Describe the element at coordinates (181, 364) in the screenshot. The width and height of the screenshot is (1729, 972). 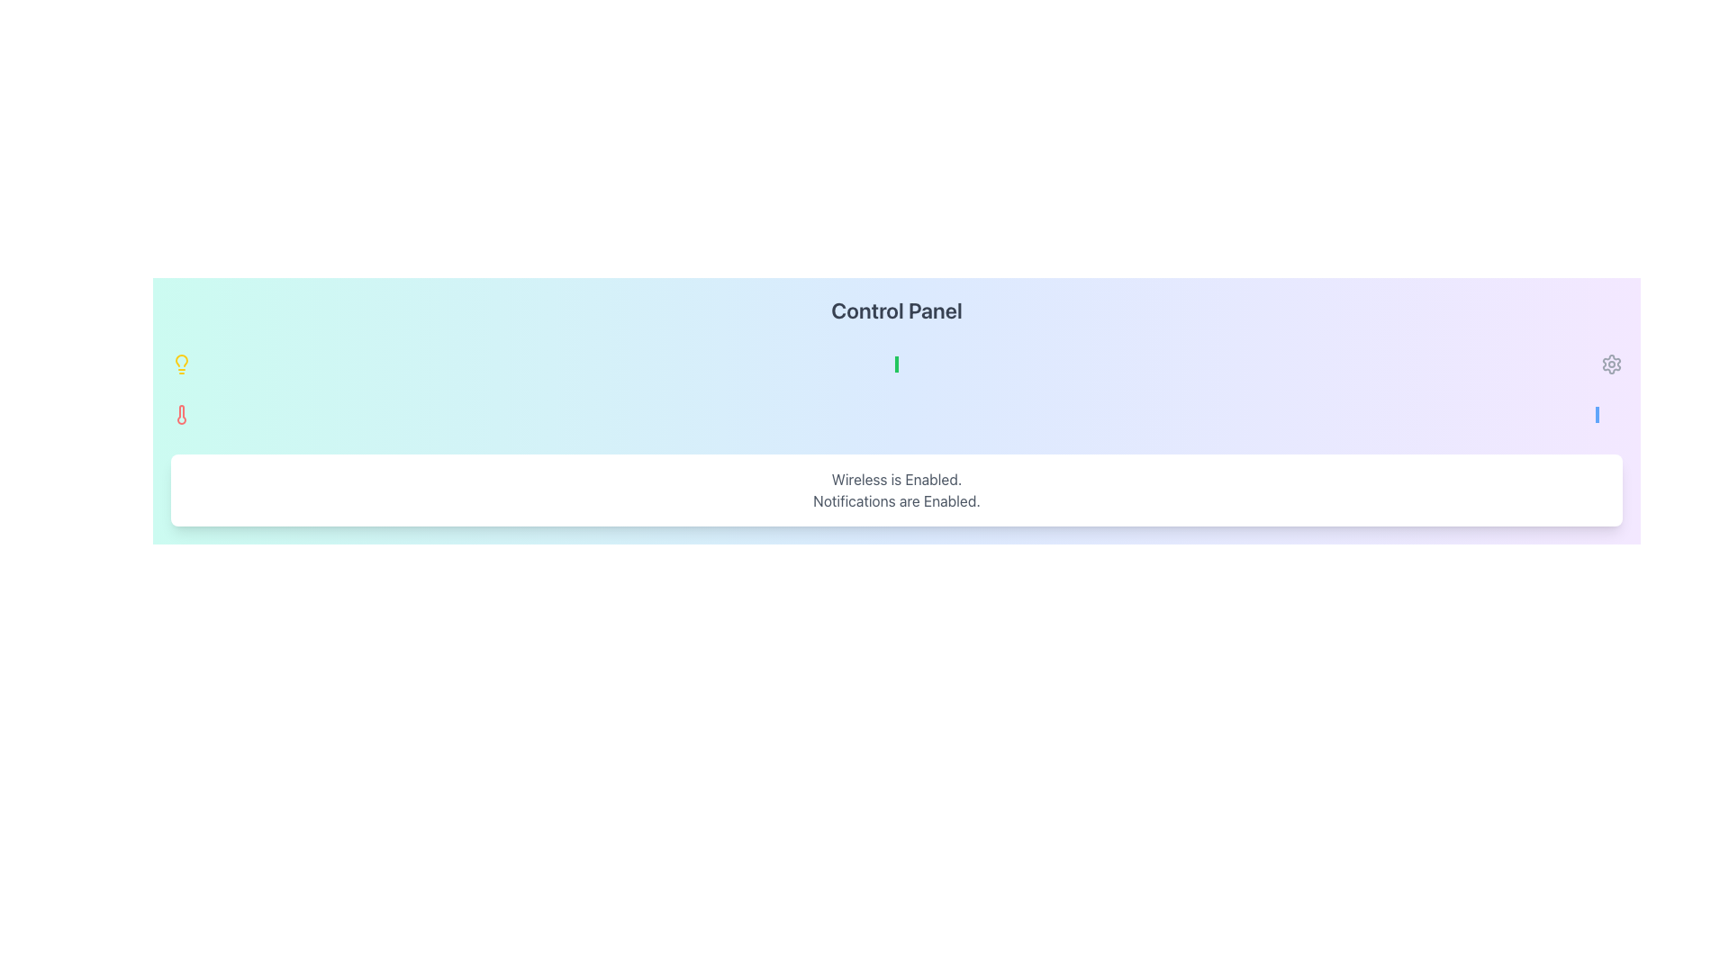
I see `the lightbulb icon, which is outlined in bold yellow and positioned at the top-left corner of the control panel` at that location.